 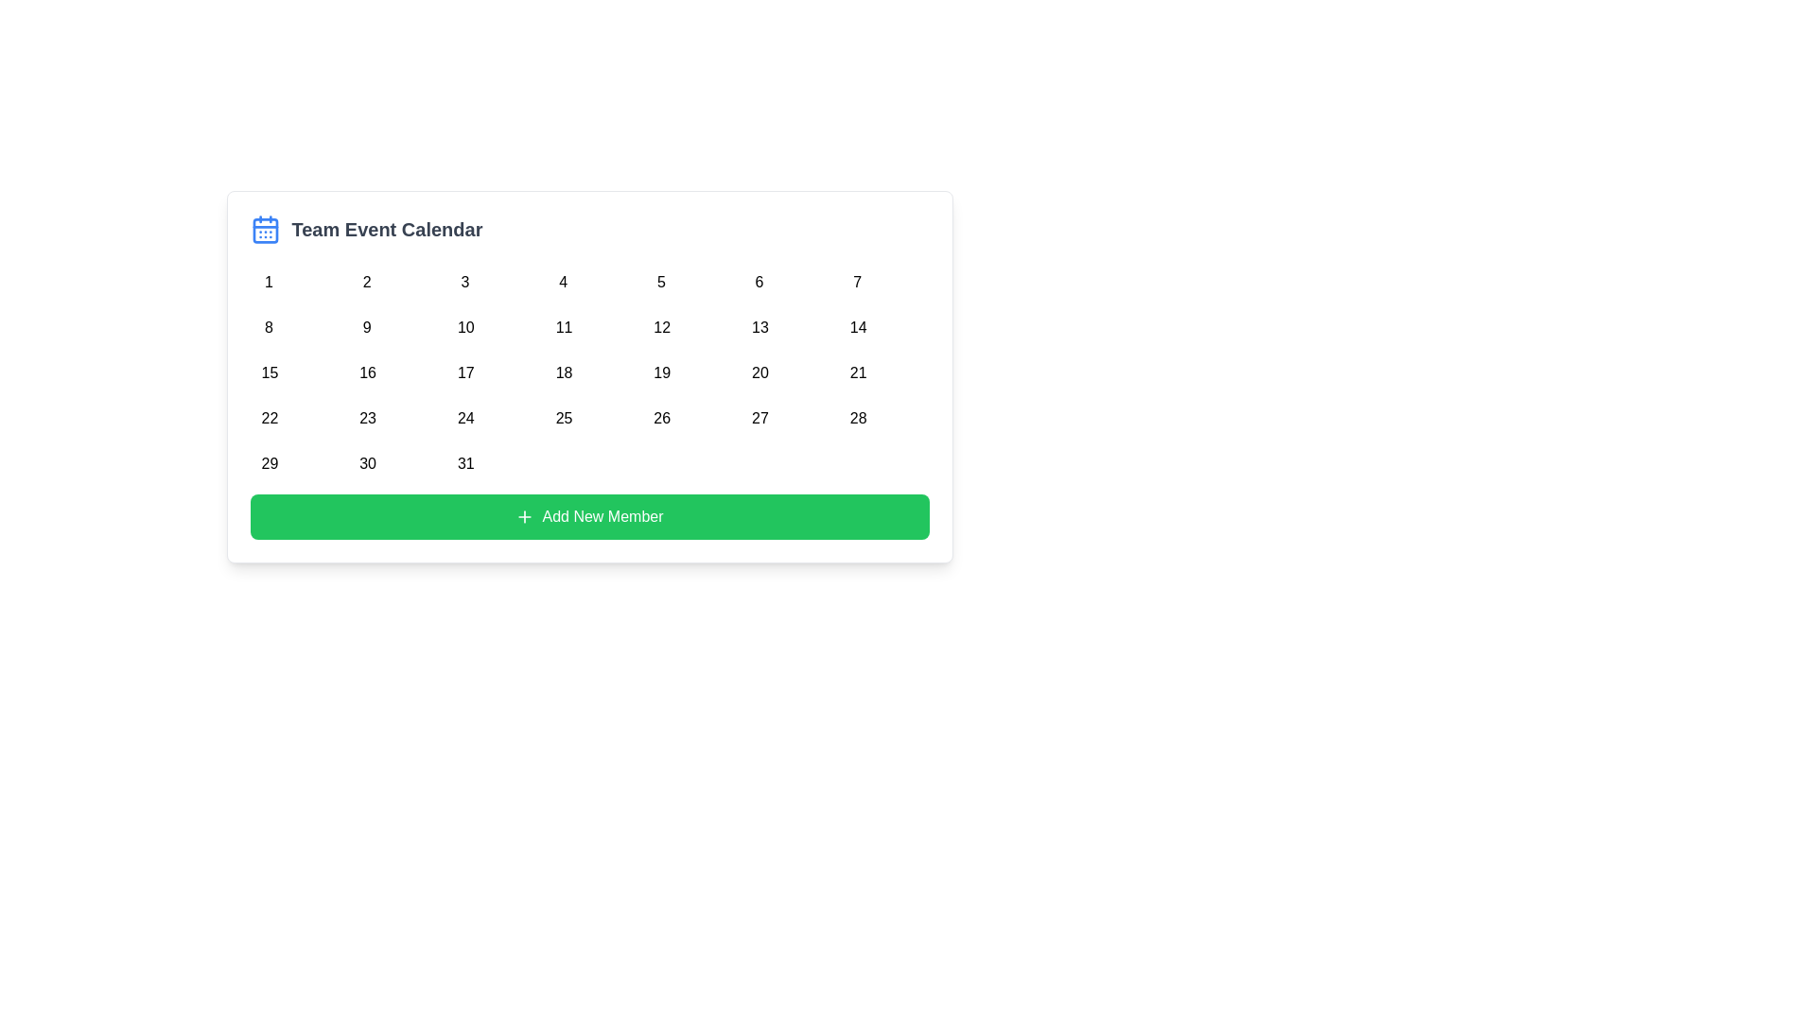 What do you see at coordinates (661, 323) in the screenshot?
I see `the square button with rounded corners, white background, and bold number '12' centered within it, located in the second row and fifth column under the 'Team Event Calendar' section to trigger hover effects` at bounding box center [661, 323].